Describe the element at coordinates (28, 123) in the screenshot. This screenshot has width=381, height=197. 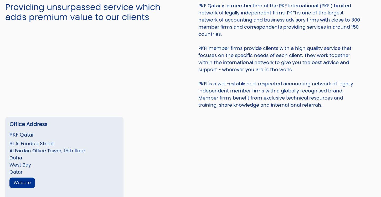
I see `'Office Address'` at that location.